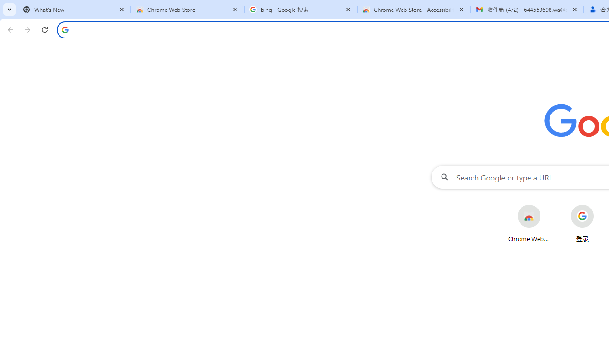 This screenshot has width=609, height=342. I want to click on 'Chrome Web Store', so click(528, 223).